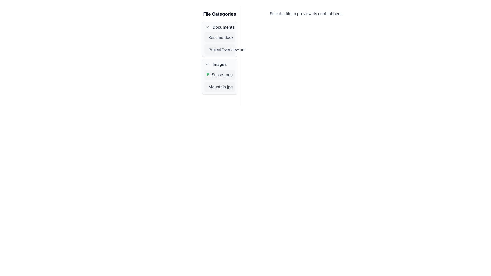 The image size is (491, 276). What do you see at coordinates (223, 27) in the screenshot?
I see `the 'Documents' text label in the 'File Categories' section` at bounding box center [223, 27].